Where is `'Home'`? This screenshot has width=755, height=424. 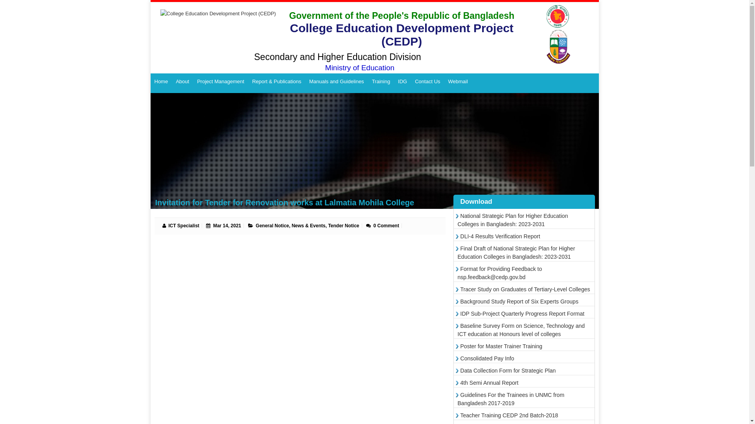 'Home' is located at coordinates (160, 82).